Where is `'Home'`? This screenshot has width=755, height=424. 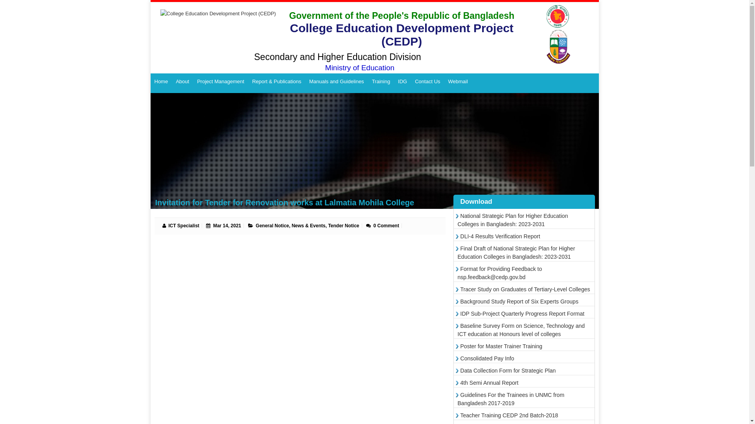 'Home' is located at coordinates (160, 82).